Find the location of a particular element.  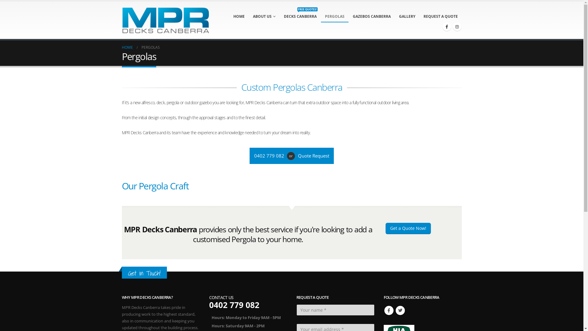

'Get in Touch!' is located at coordinates (127, 273).